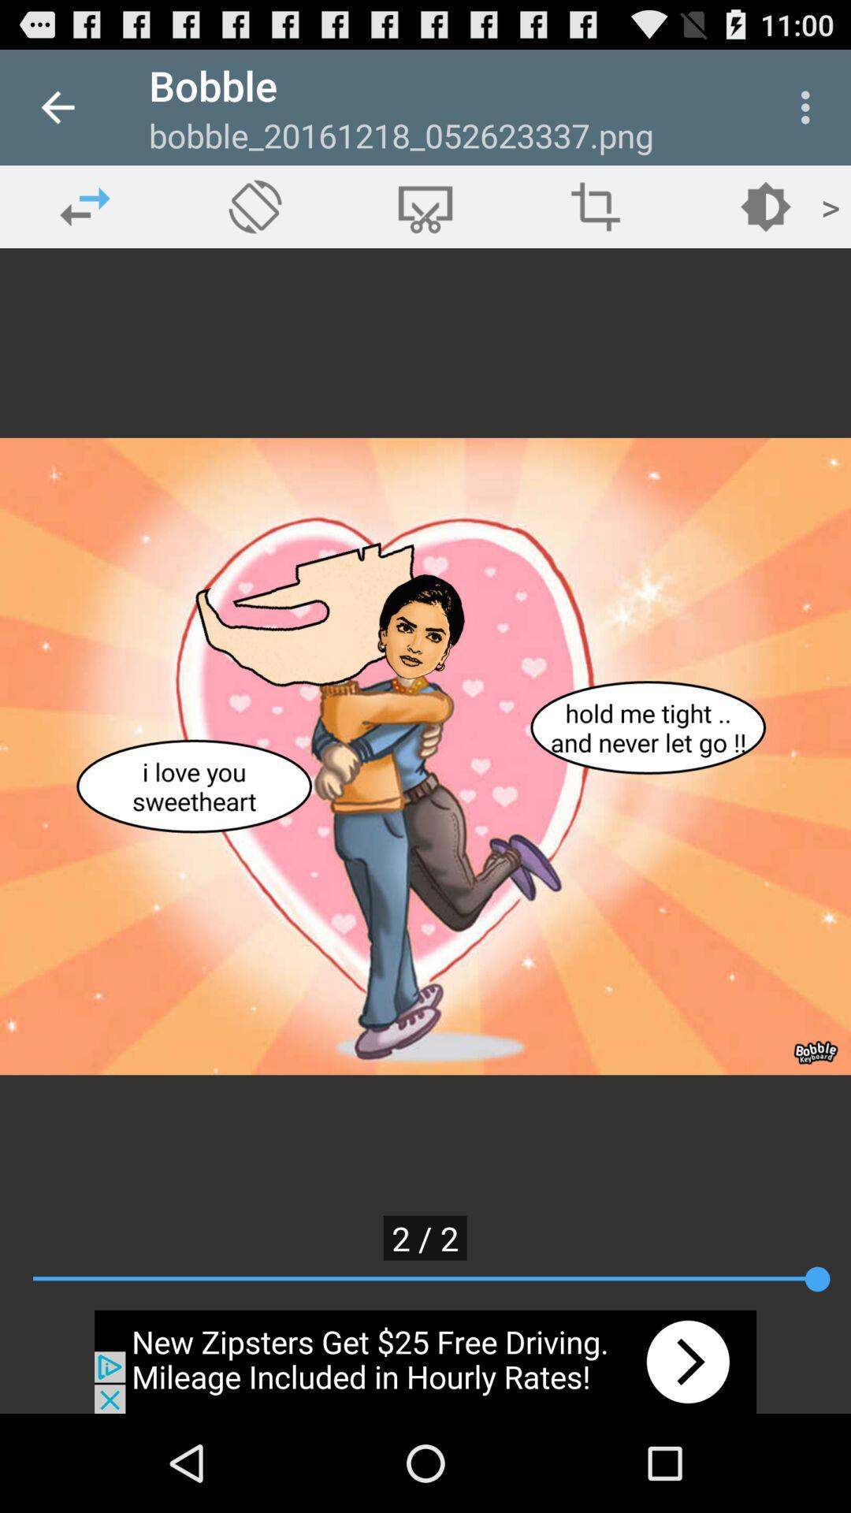 The width and height of the screenshot is (851, 1513). I want to click on the explore icon, so click(255, 206).